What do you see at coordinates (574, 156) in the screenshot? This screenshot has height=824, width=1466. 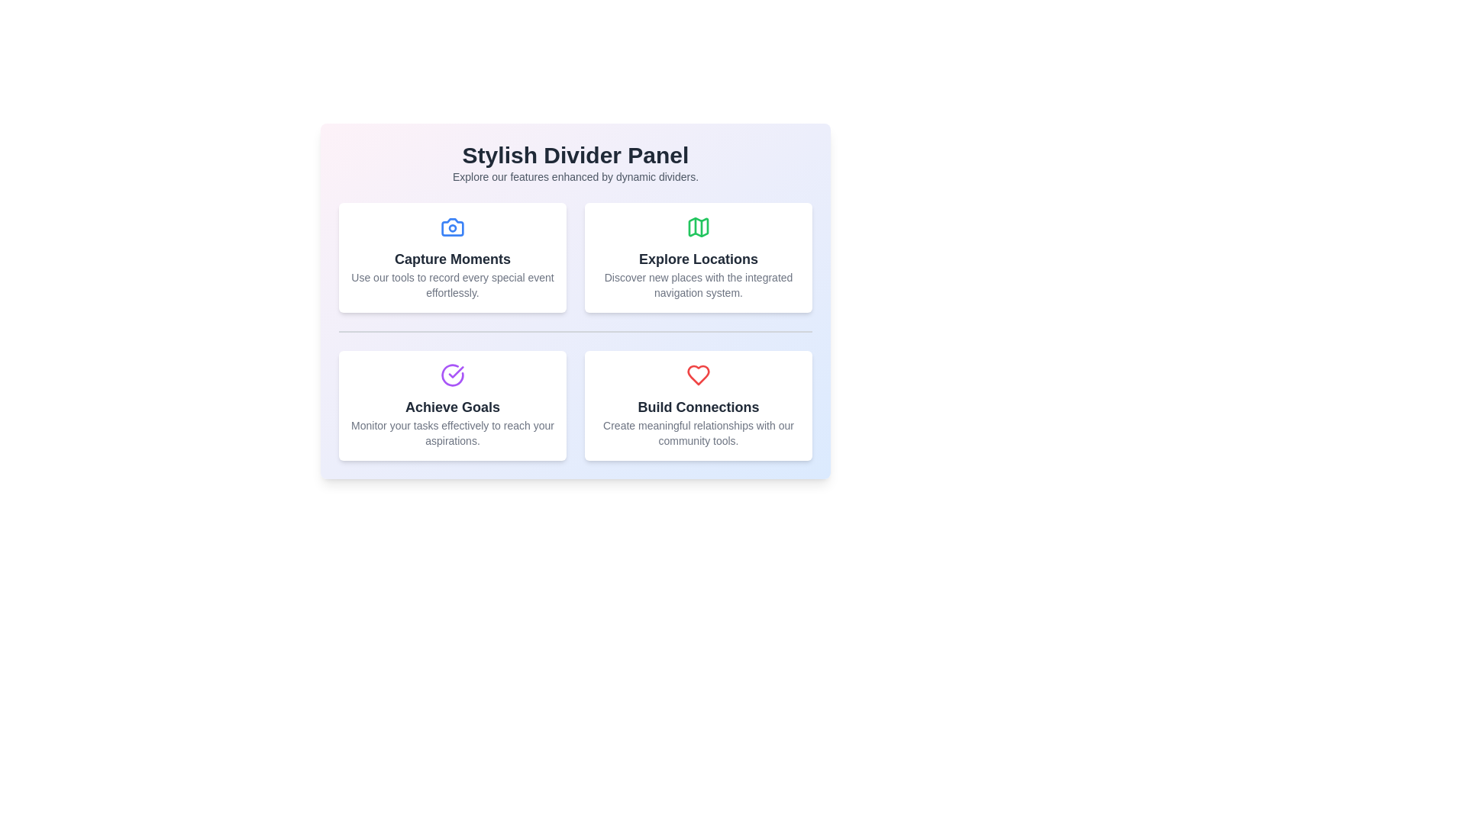 I see `the heading element that serves as a title for the section, providing a clear and bold introduction to the content below` at bounding box center [574, 156].